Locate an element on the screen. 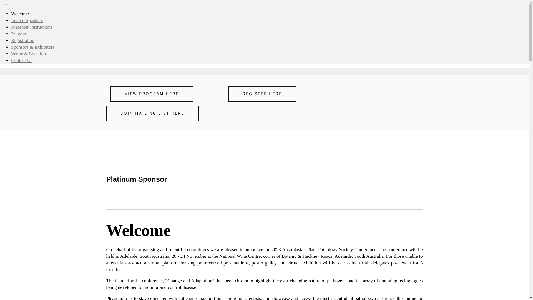  'Program' is located at coordinates (19, 34).